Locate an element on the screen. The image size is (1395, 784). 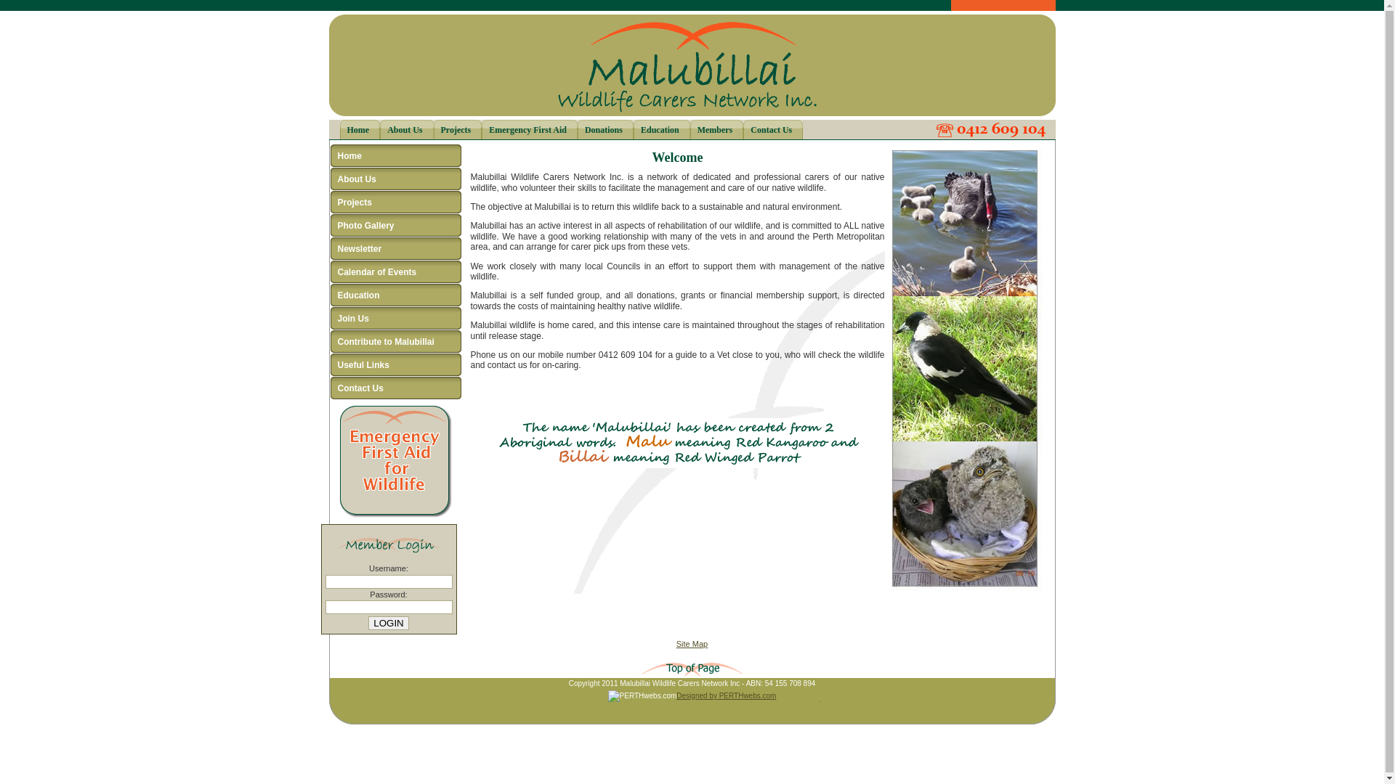
'Login' is located at coordinates (388, 622).